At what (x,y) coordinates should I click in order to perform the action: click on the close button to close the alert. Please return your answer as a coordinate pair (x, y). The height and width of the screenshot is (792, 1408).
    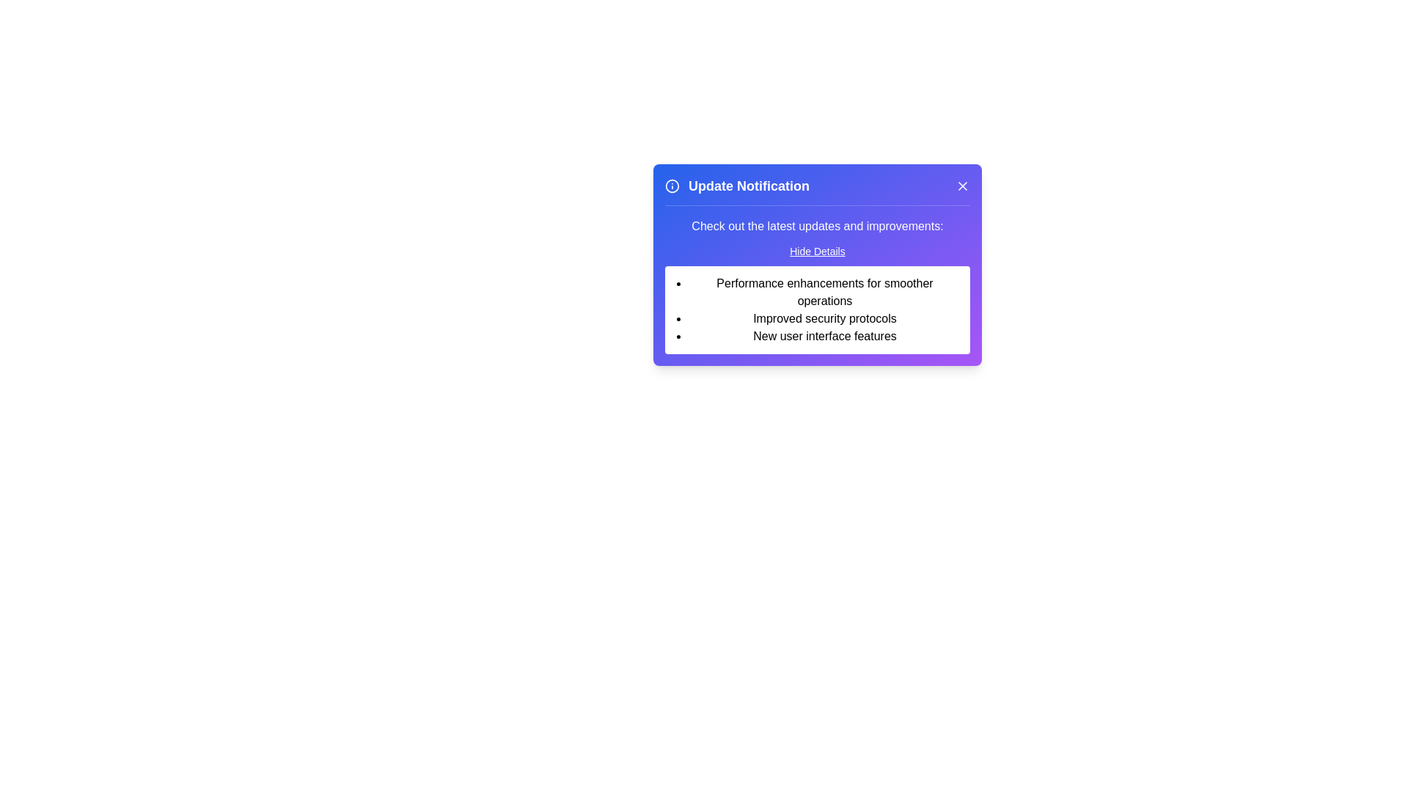
    Looking at the image, I should click on (963, 186).